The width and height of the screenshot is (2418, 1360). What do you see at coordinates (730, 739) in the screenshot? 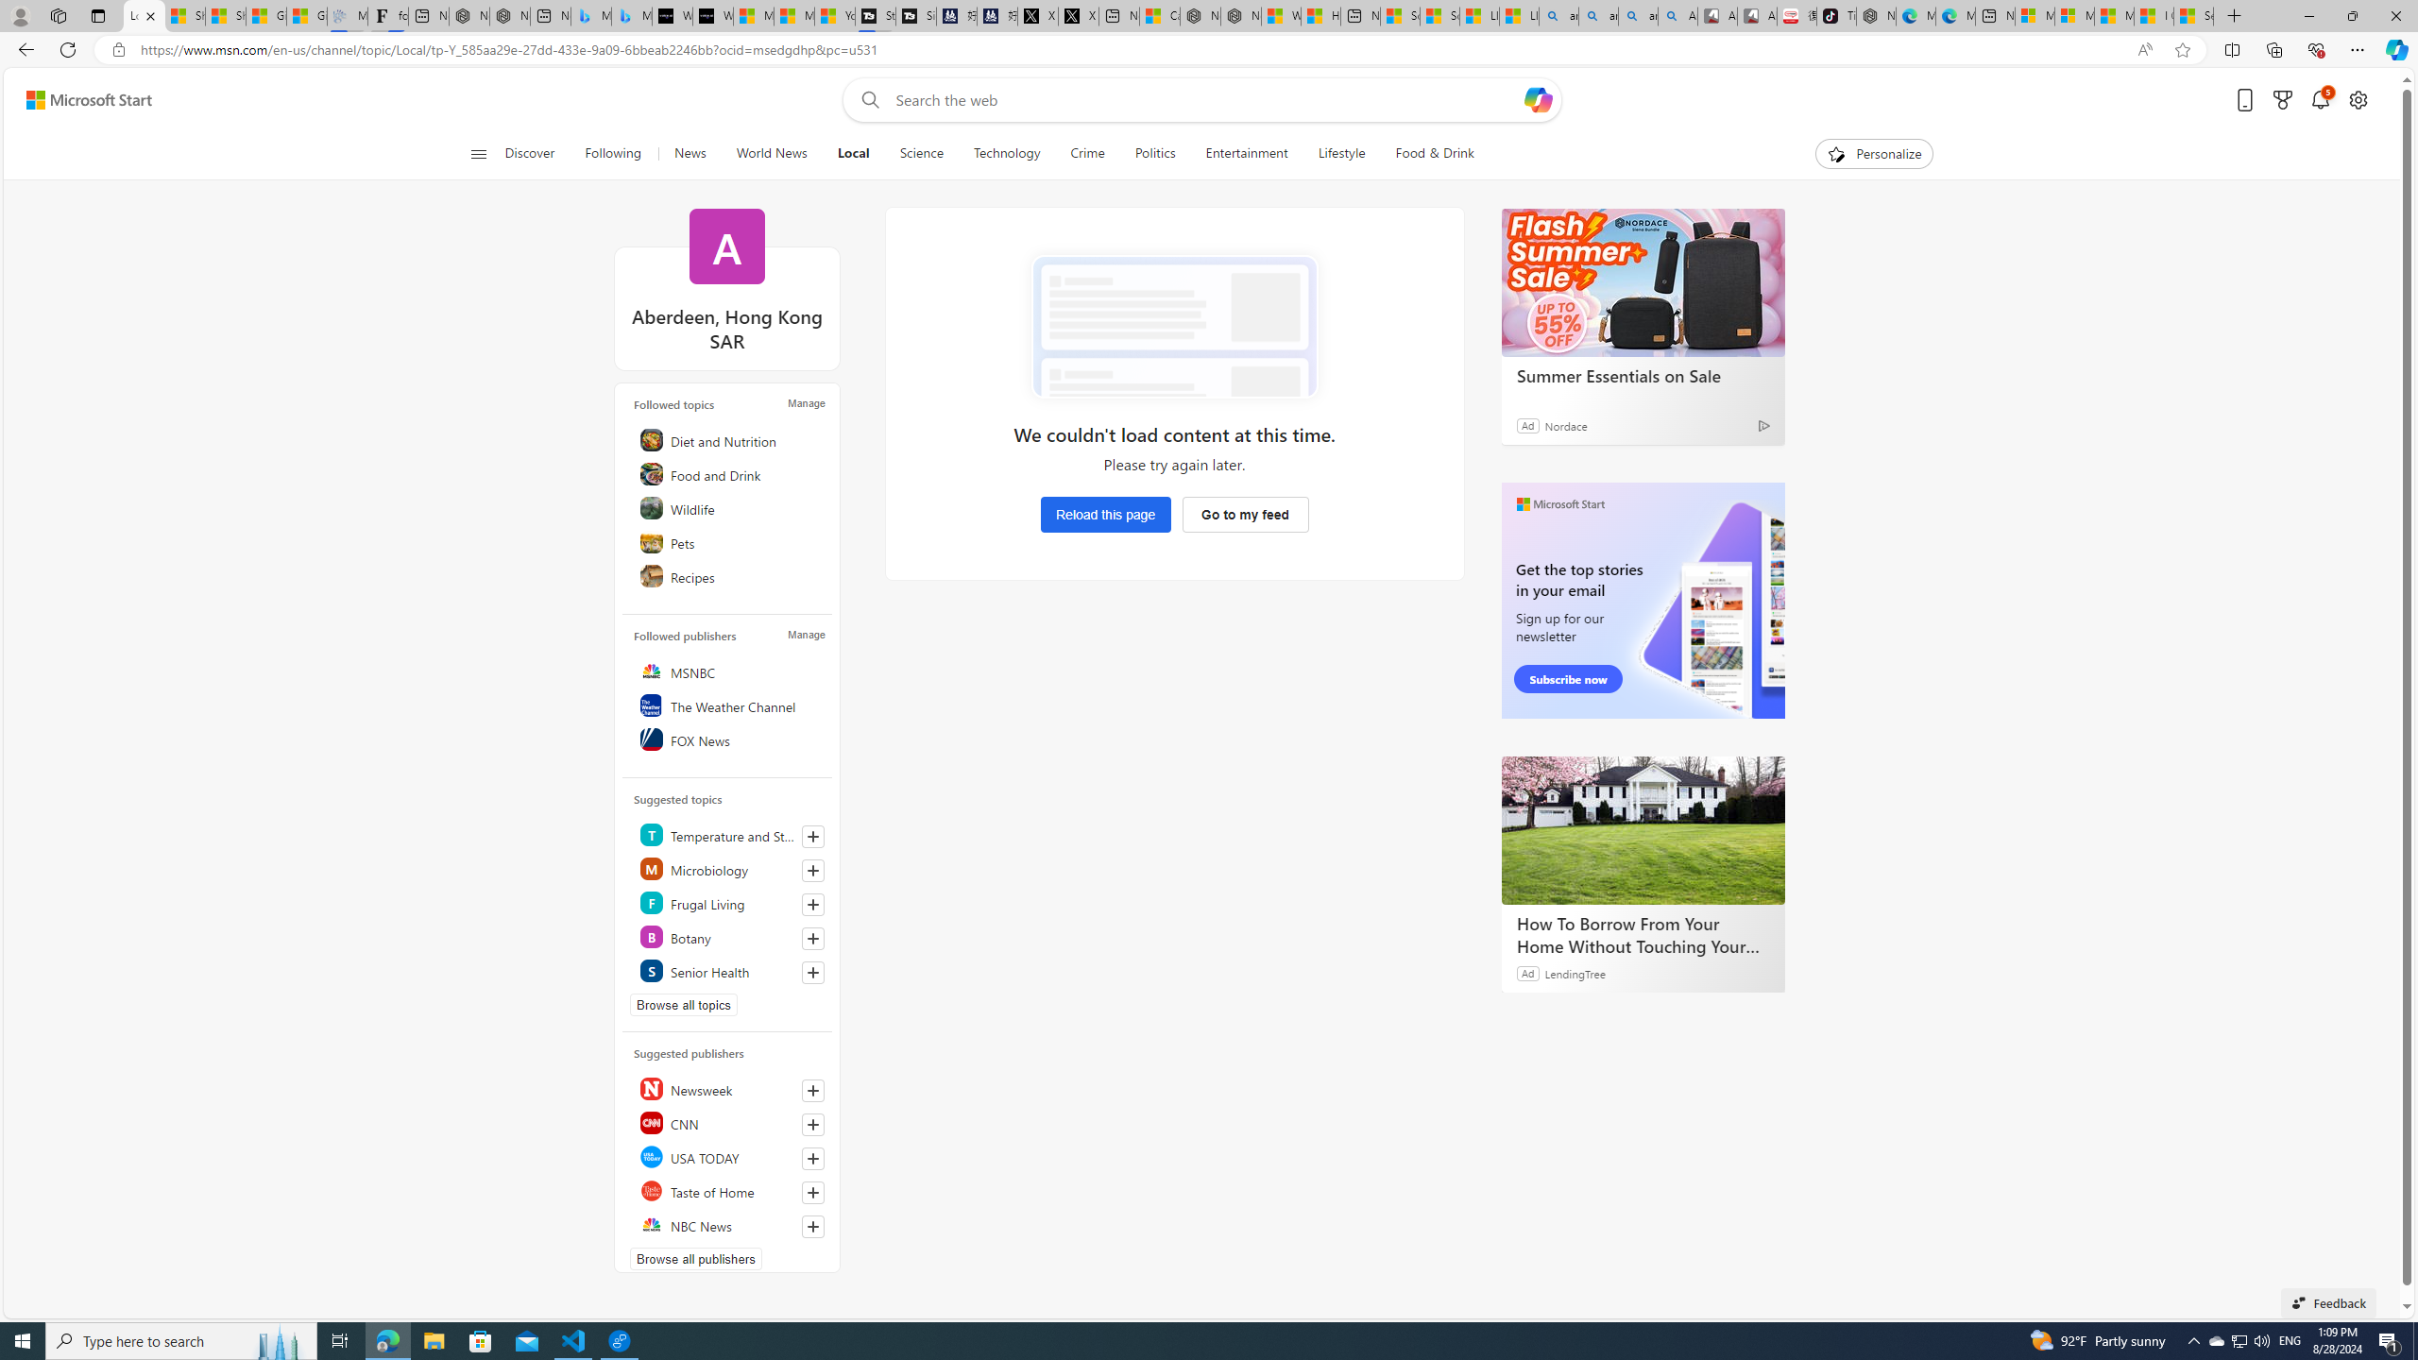
I see `'FOX News'` at bounding box center [730, 739].